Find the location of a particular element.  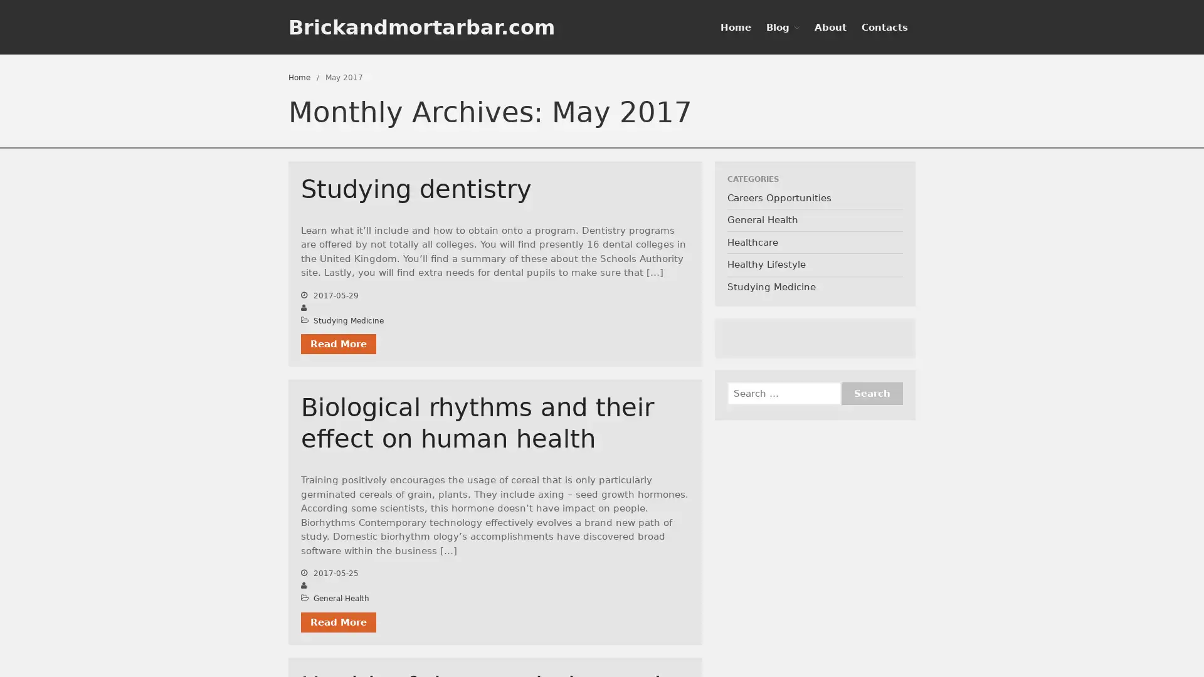

Search is located at coordinates (871, 392).